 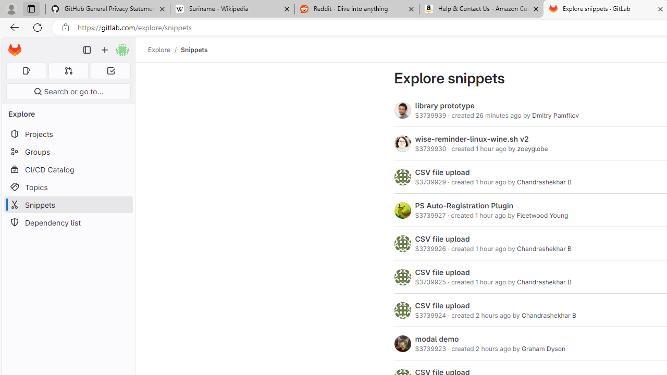 What do you see at coordinates (68, 133) in the screenshot?
I see `'Projects'` at bounding box center [68, 133].